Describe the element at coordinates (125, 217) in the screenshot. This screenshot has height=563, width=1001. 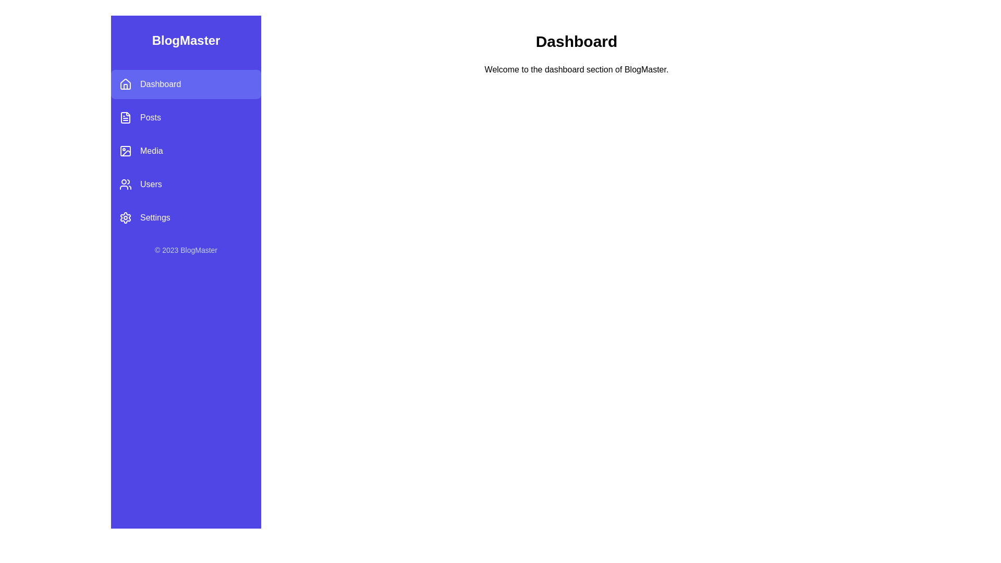
I see `the settings icon located in the left sidebar next to the 'Settings' text` at that location.